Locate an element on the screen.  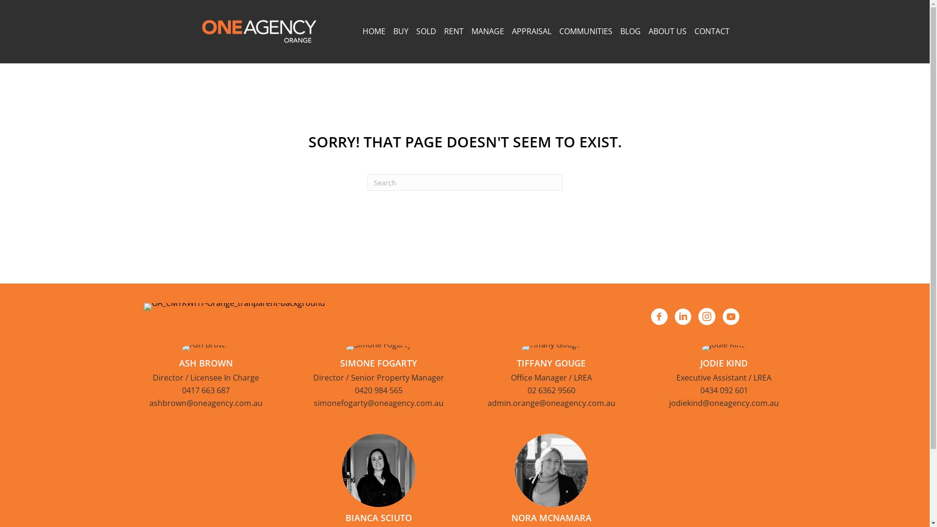
'ABOUT US' is located at coordinates (667, 31).